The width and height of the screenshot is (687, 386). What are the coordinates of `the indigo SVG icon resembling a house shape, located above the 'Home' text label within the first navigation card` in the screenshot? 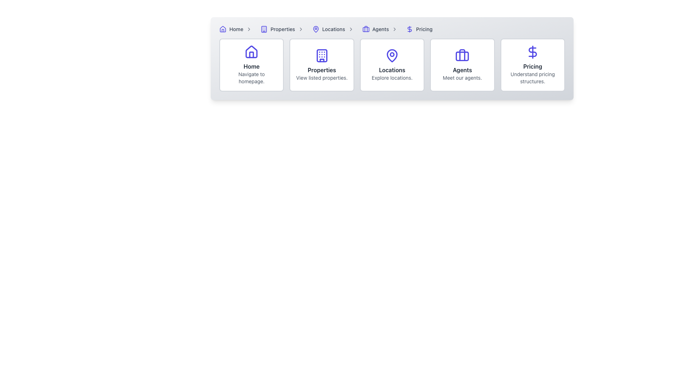 It's located at (252, 52).